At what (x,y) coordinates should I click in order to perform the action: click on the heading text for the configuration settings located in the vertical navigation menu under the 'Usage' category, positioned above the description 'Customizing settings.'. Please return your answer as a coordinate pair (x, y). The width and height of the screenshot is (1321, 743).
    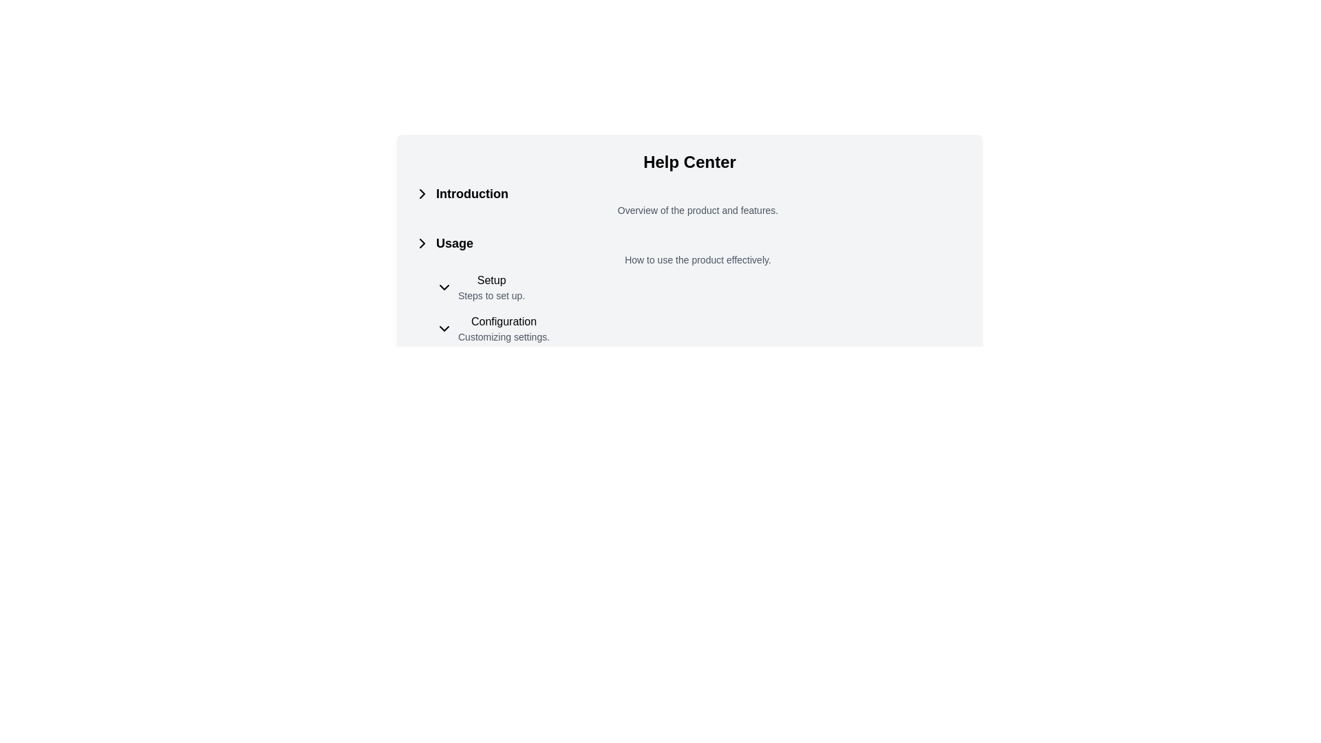
    Looking at the image, I should click on (503, 321).